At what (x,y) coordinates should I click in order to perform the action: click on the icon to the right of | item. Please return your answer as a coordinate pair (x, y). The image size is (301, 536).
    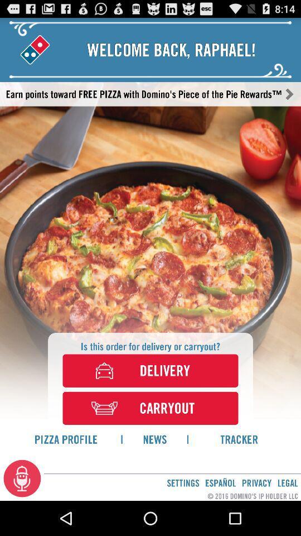
    Looking at the image, I should click on (239, 439).